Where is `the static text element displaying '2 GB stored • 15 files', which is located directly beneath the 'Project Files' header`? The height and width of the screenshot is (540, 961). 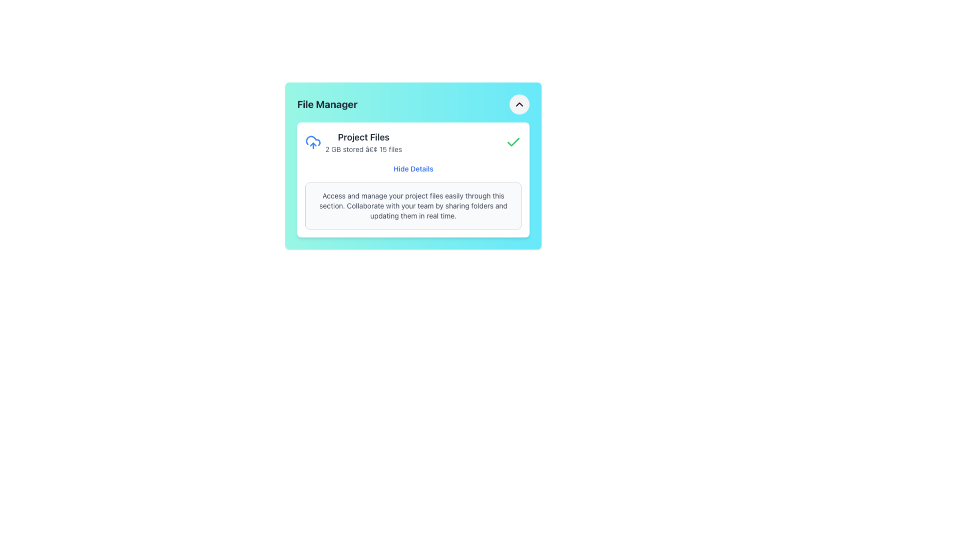
the static text element displaying '2 GB stored • 15 files', which is located directly beneath the 'Project Files' header is located at coordinates (363, 149).